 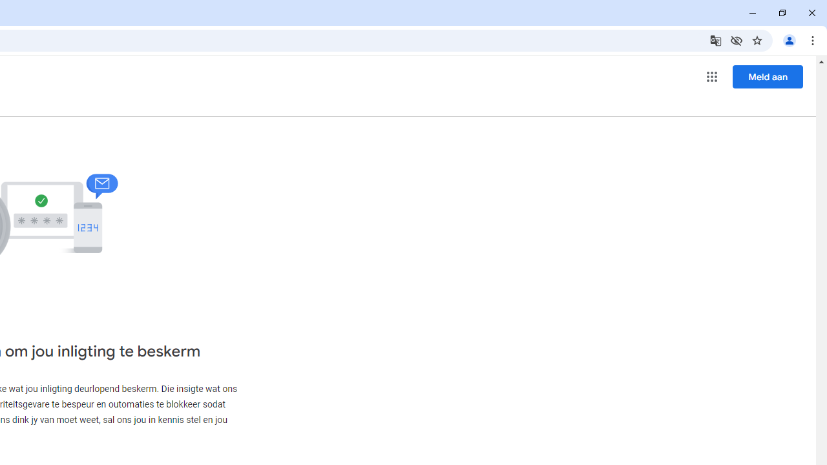 What do you see at coordinates (768, 76) in the screenshot?
I see `'Meld aan'` at bounding box center [768, 76].